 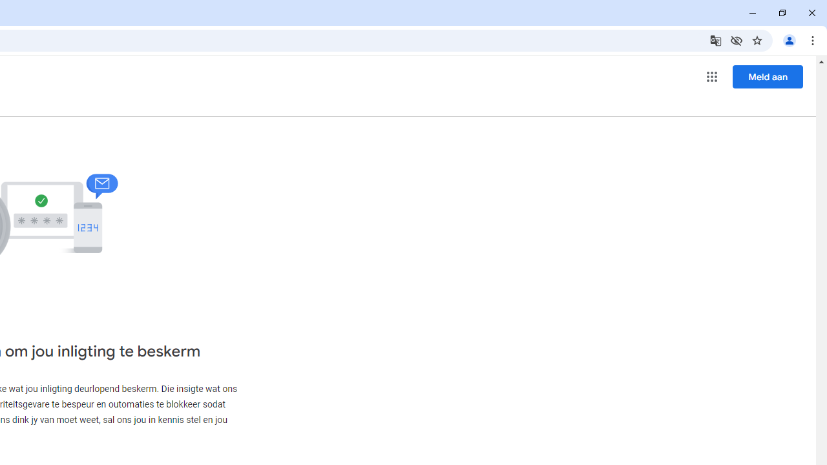 What do you see at coordinates (768, 76) in the screenshot?
I see `'Meld aan'` at bounding box center [768, 76].